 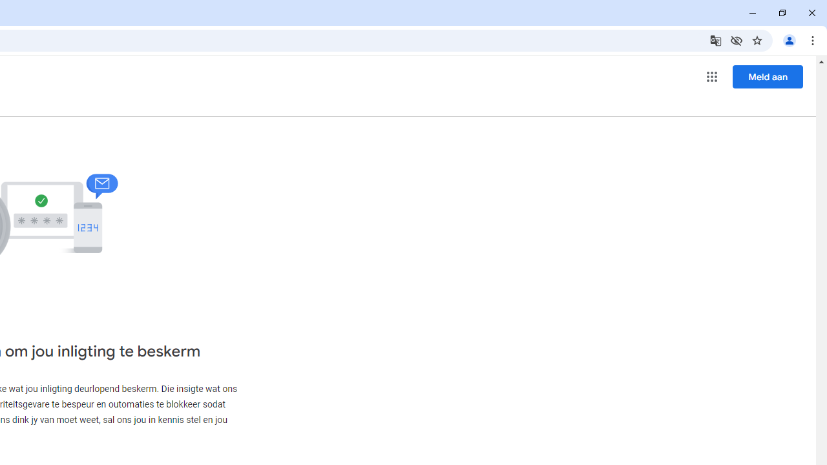 What do you see at coordinates (768, 76) in the screenshot?
I see `'Meld aan'` at bounding box center [768, 76].